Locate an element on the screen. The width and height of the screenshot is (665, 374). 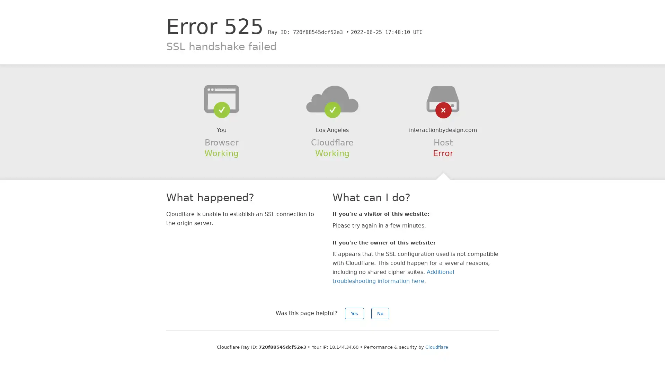
No is located at coordinates (380, 313).